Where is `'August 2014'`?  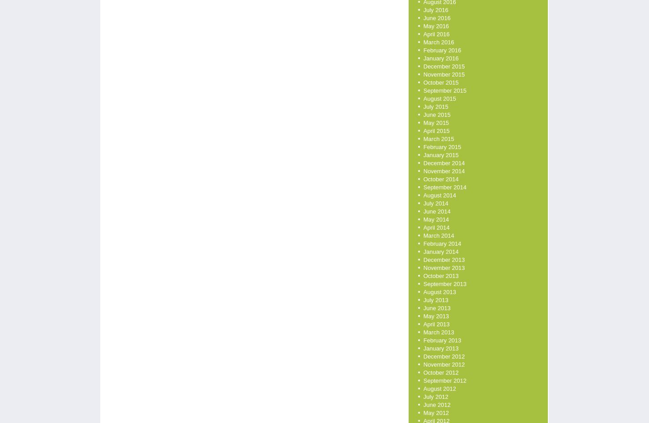
'August 2014' is located at coordinates (440, 195).